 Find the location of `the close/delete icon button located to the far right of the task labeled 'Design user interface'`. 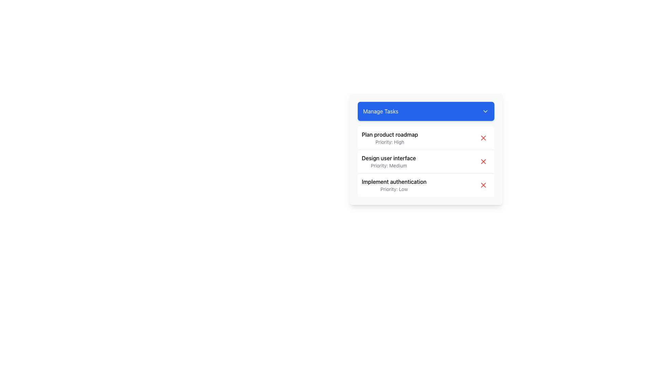

the close/delete icon button located to the far right of the task labeled 'Design user interface' is located at coordinates (483, 162).